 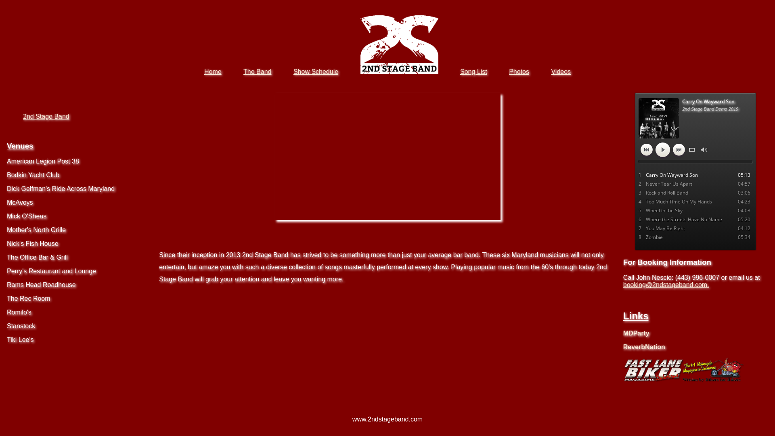 I want to click on 'Song List', so click(x=473, y=71).